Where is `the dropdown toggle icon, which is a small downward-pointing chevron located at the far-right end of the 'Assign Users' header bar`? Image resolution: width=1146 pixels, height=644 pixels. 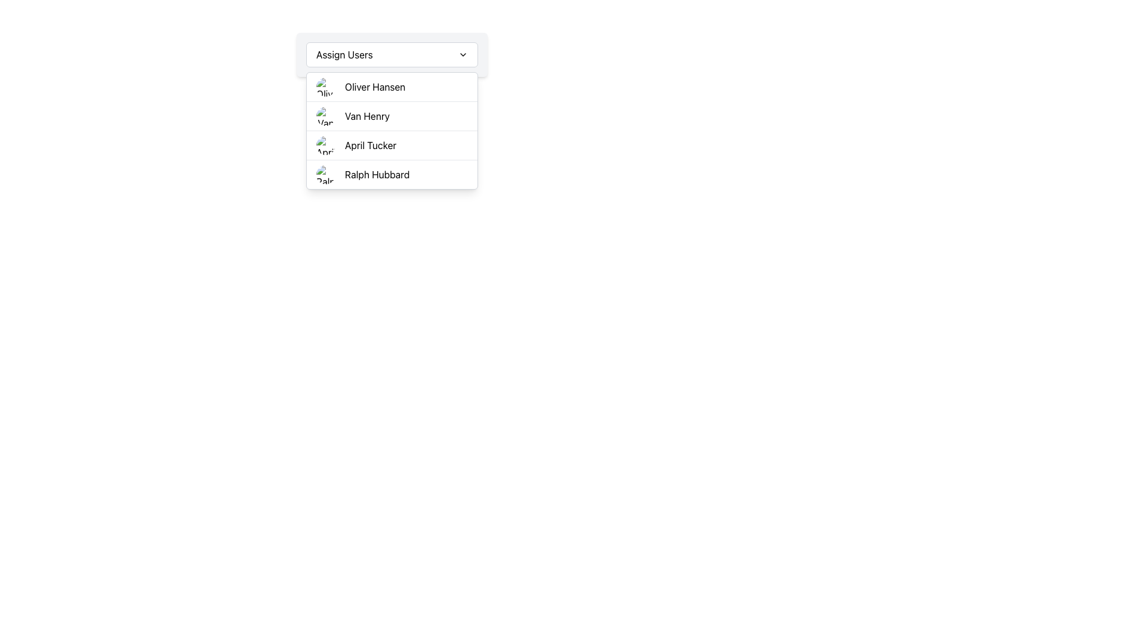
the dropdown toggle icon, which is a small downward-pointing chevron located at the far-right end of the 'Assign Users' header bar is located at coordinates (463, 55).